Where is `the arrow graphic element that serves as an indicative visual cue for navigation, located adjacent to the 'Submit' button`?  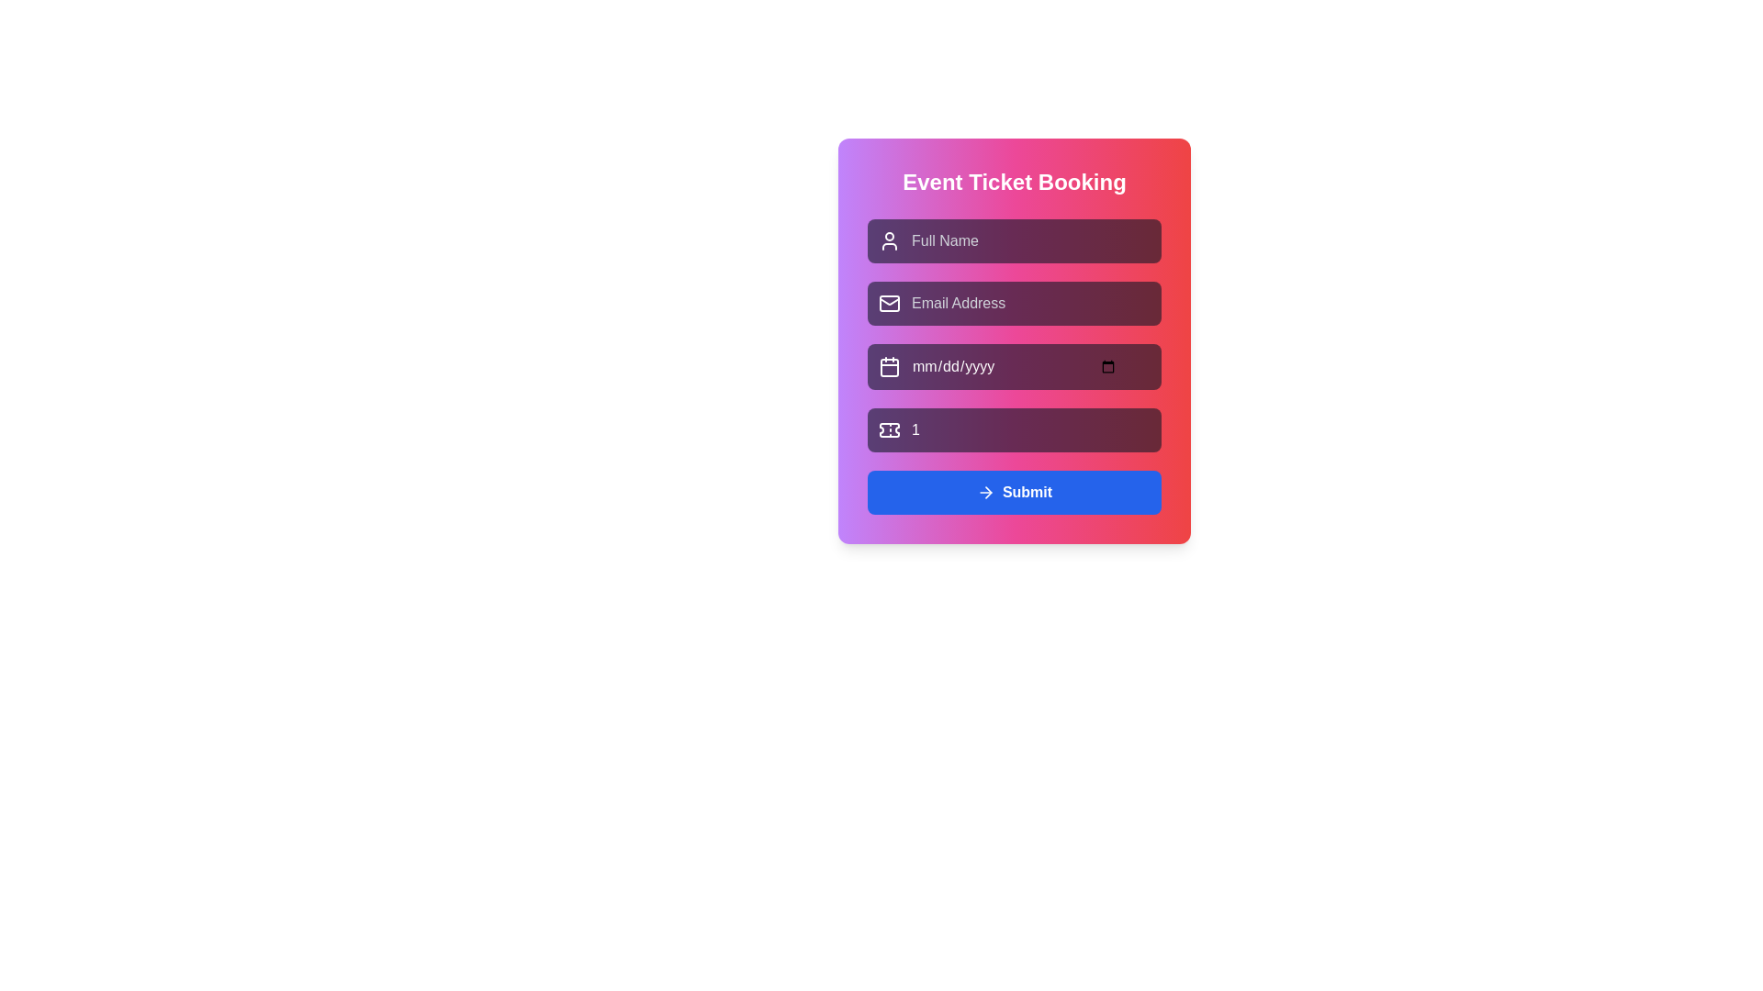
the arrow graphic element that serves as an indicative visual cue for navigation, located adjacent to the 'Submit' button is located at coordinates (987, 491).